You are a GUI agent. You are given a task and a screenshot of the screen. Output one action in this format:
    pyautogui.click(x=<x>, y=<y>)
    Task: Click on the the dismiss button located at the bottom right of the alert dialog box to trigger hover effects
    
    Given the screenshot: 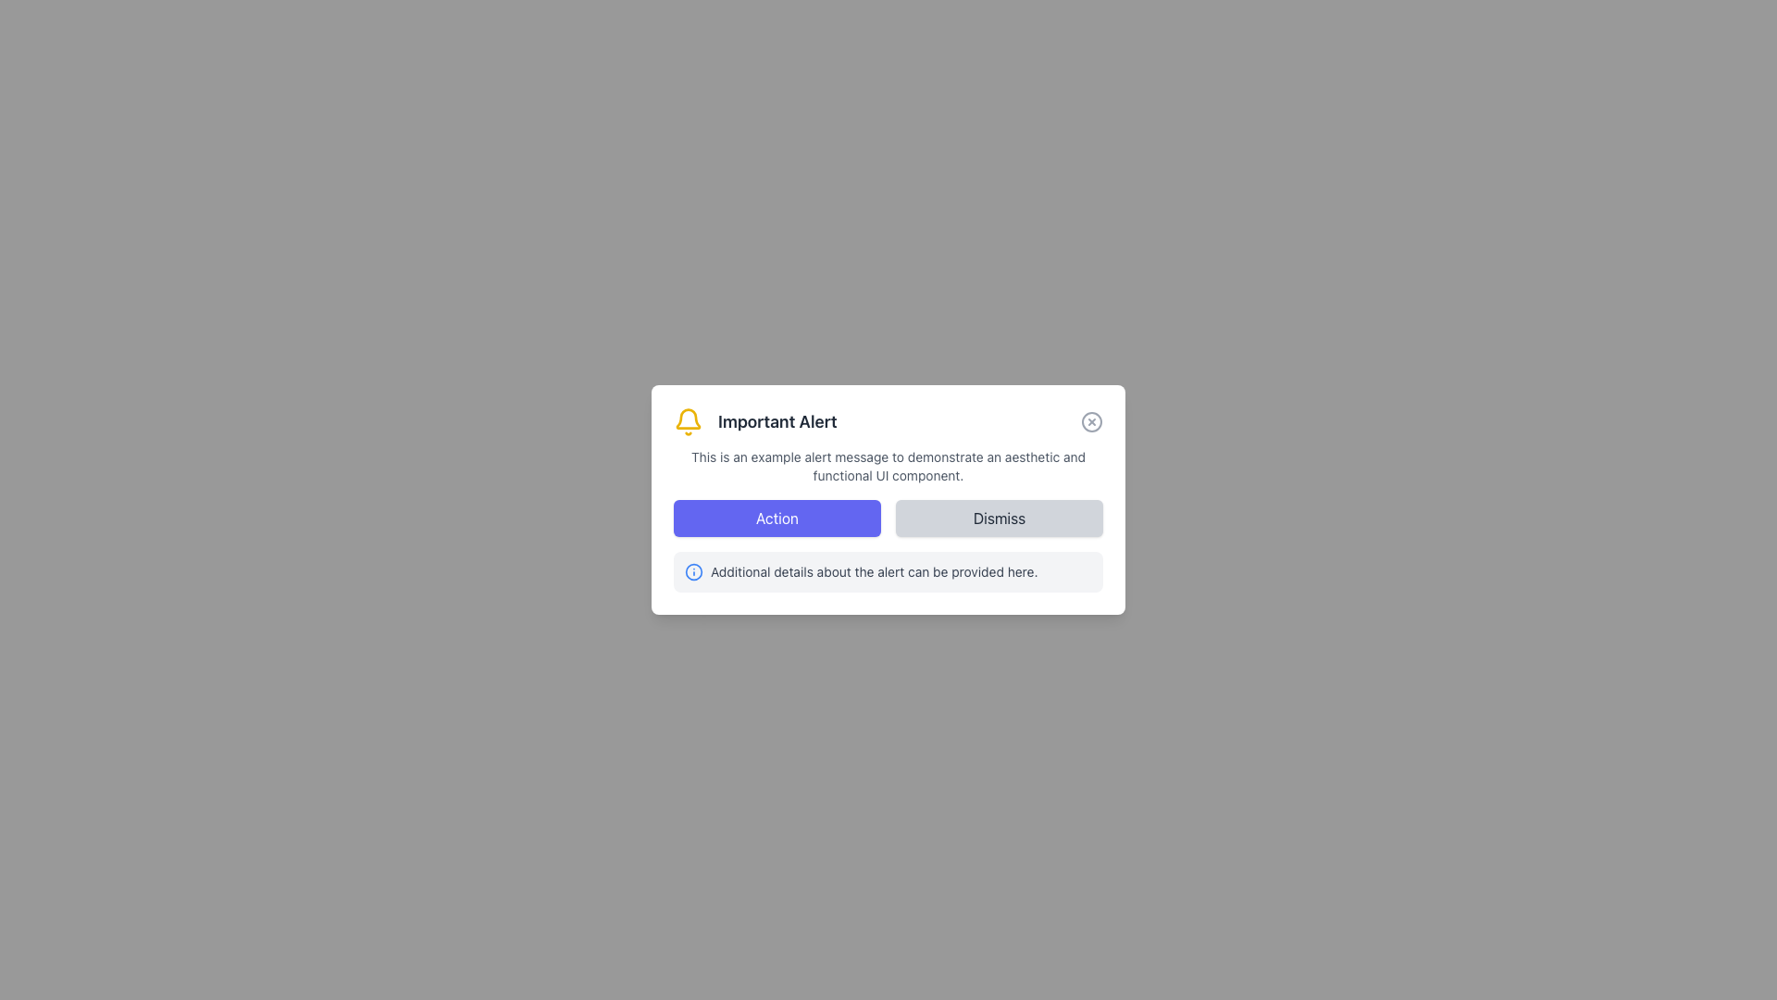 What is the action you would take?
    pyautogui.click(x=999, y=518)
    